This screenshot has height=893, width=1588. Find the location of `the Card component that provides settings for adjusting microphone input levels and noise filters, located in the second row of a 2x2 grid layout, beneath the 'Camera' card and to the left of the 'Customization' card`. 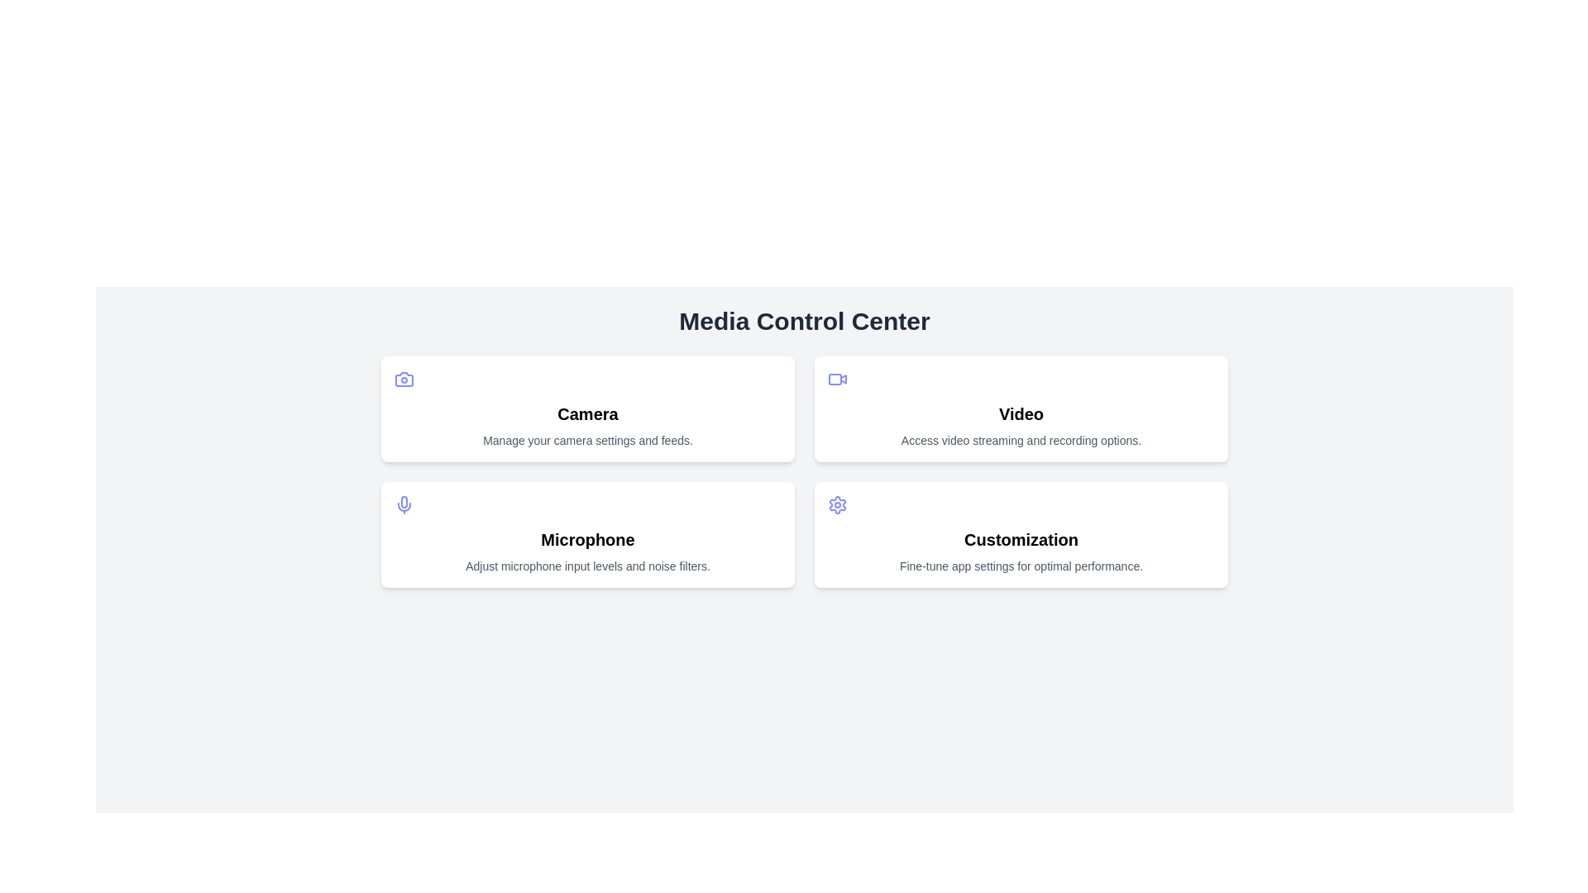

the Card component that provides settings for adjusting microphone input levels and noise filters, located in the second row of a 2x2 grid layout, beneath the 'Camera' card and to the left of the 'Customization' card is located at coordinates (587, 535).